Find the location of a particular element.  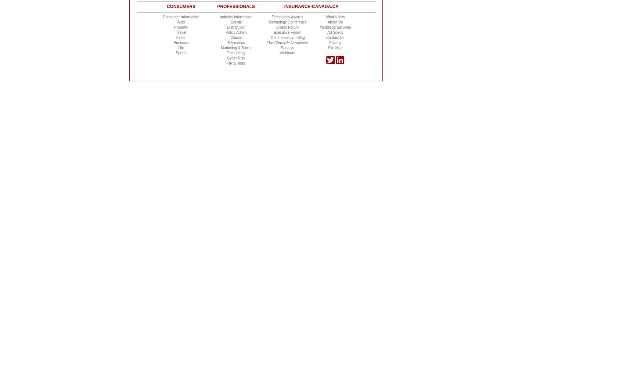

'Events' is located at coordinates (235, 22).